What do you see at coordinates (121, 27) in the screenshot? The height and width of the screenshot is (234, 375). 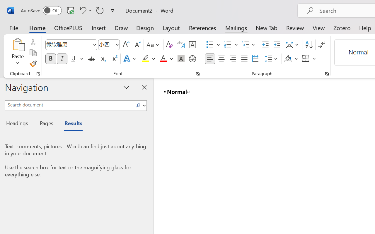 I see `'Draw'` at bounding box center [121, 27].